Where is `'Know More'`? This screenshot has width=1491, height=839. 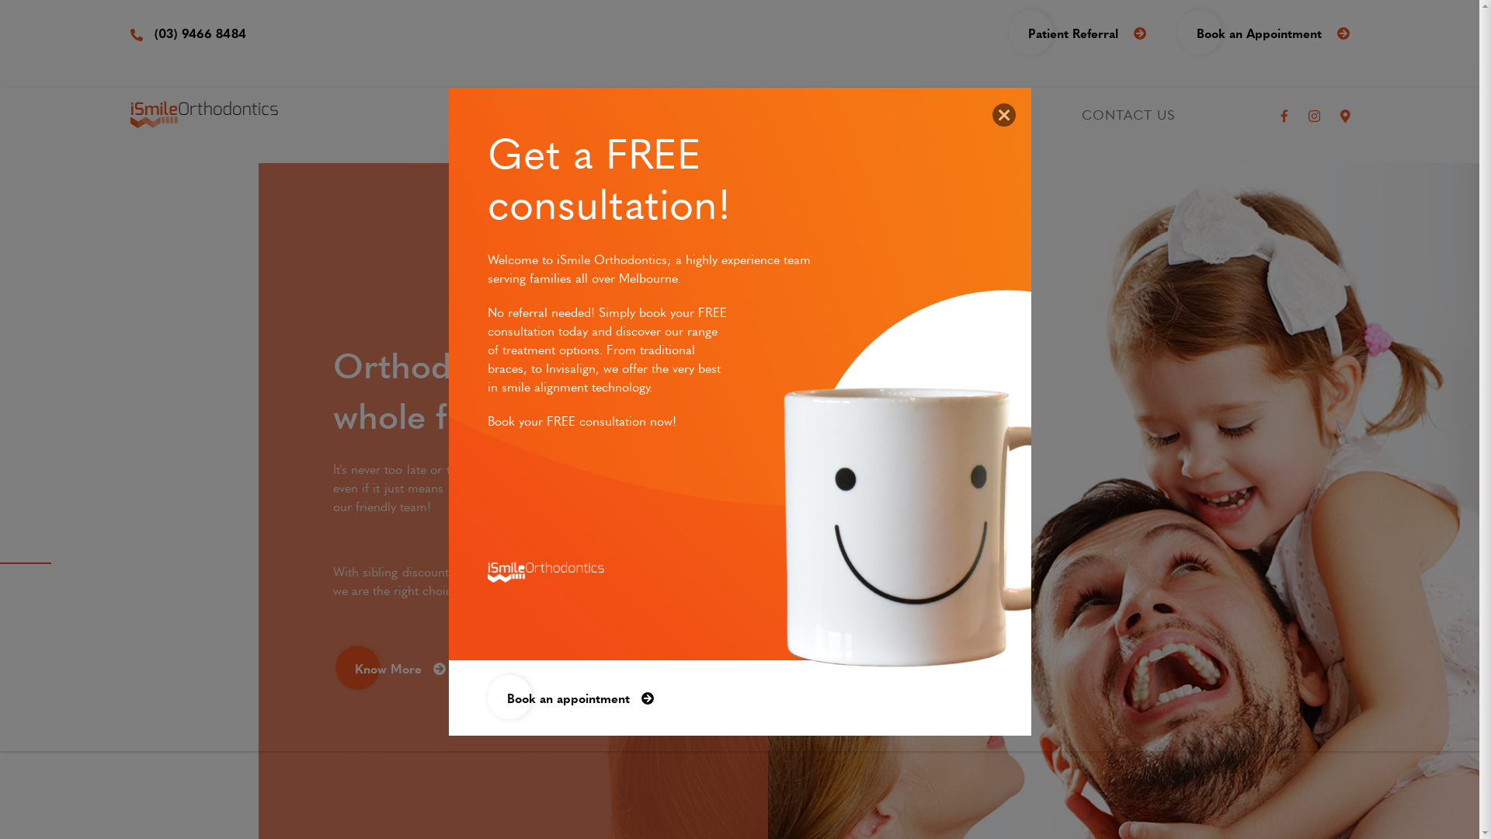 'Know More' is located at coordinates (399, 652).